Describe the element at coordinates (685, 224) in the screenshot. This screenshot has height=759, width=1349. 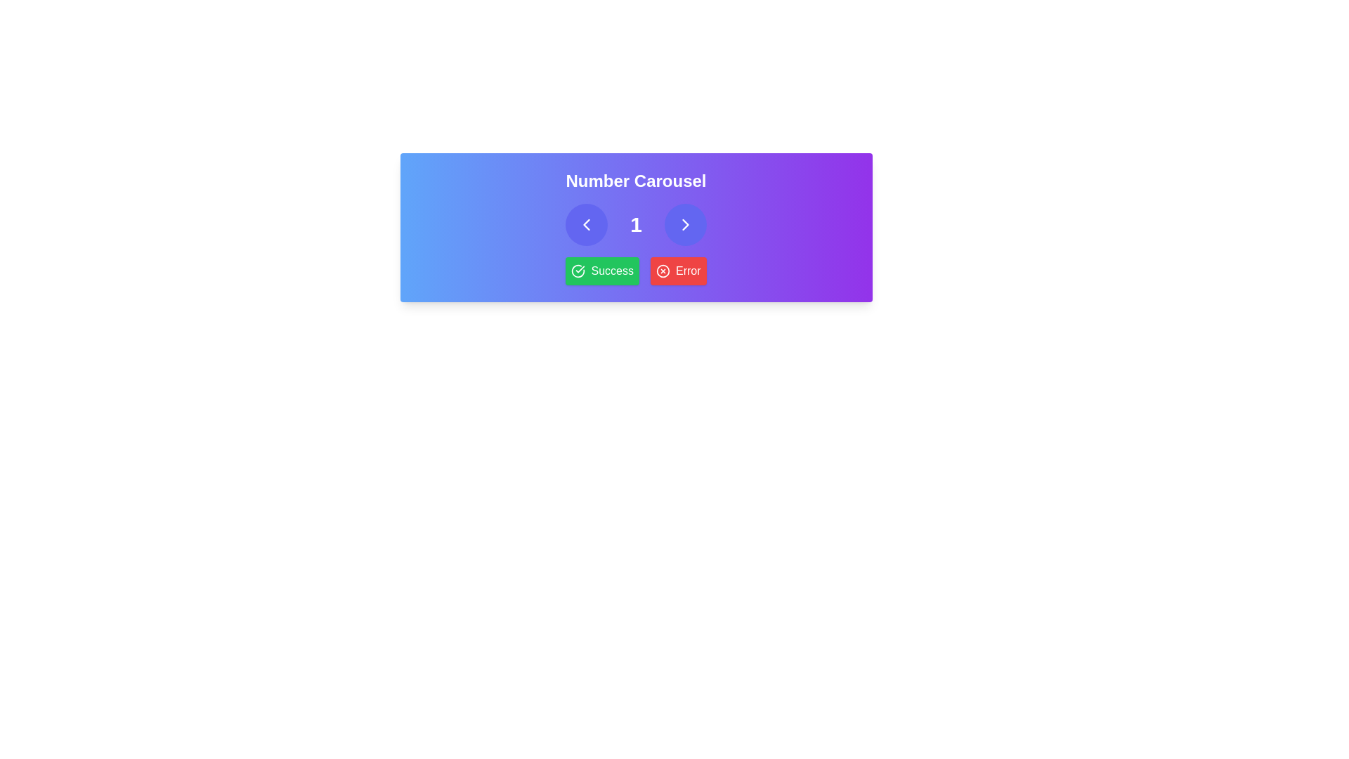
I see `the right-facing chevron icon within a circle-shaped button, which is positioned adjacent to the number '1'` at that location.